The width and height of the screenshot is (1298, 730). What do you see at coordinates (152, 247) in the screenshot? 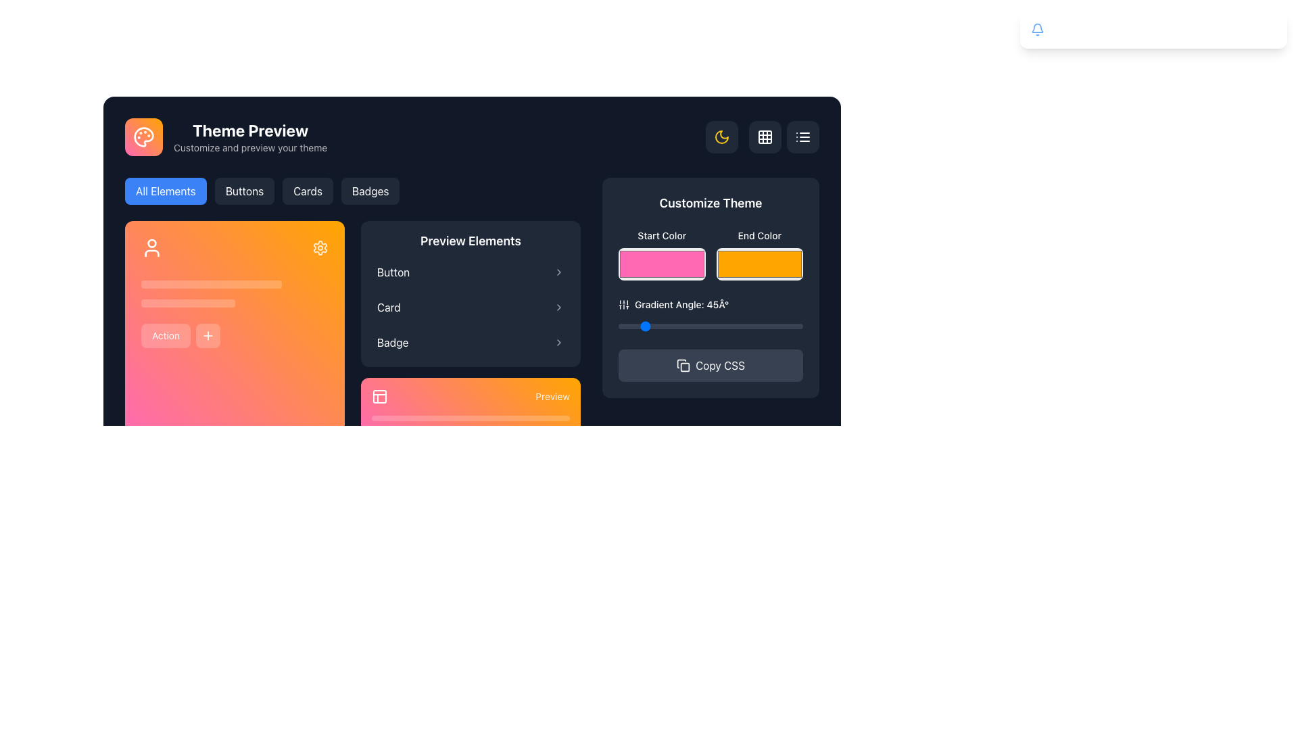
I see `the user icon, which is a minimalistic outline of a person, styled in white color and located in the top-left corner of a panel with a gradient orange background` at bounding box center [152, 247].